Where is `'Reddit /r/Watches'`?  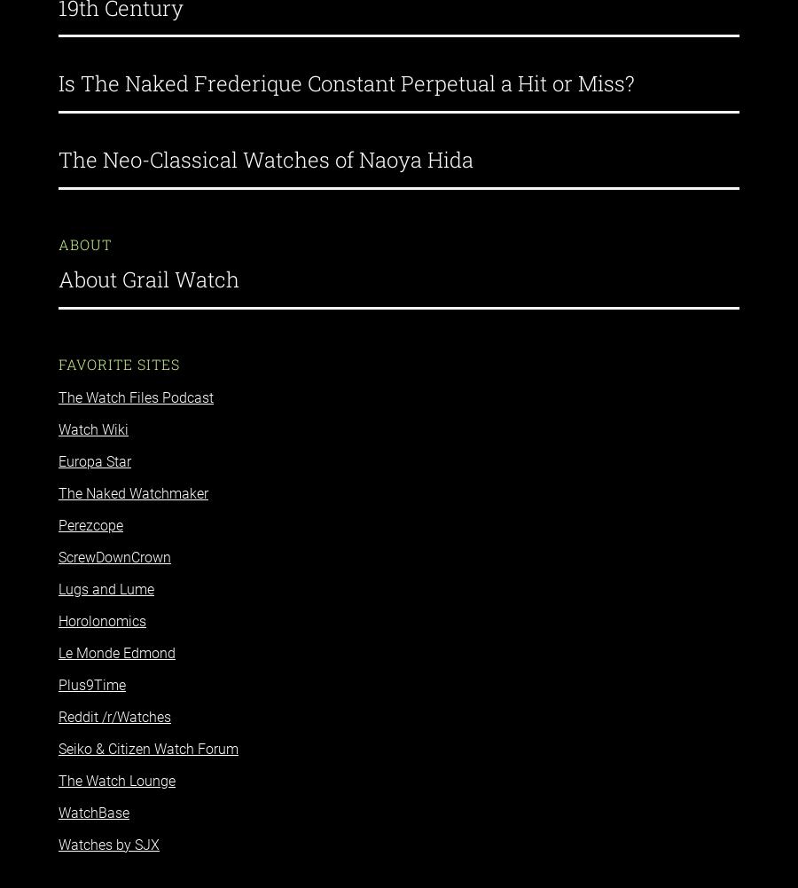
'Reddit /r/Watches' is located at coordinates (114, 701).